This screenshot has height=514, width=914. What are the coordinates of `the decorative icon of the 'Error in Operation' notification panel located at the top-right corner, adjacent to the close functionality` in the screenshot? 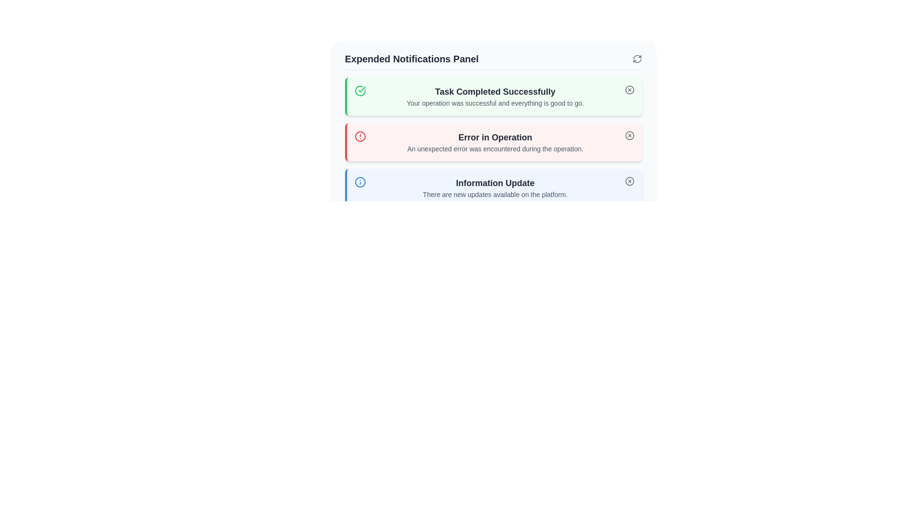 It's located at (629, 136).